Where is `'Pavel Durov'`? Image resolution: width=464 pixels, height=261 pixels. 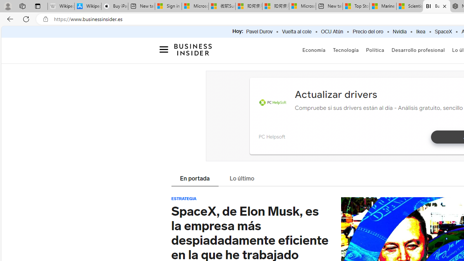 'Pavel Durov' is located at coordinates (259, 32).